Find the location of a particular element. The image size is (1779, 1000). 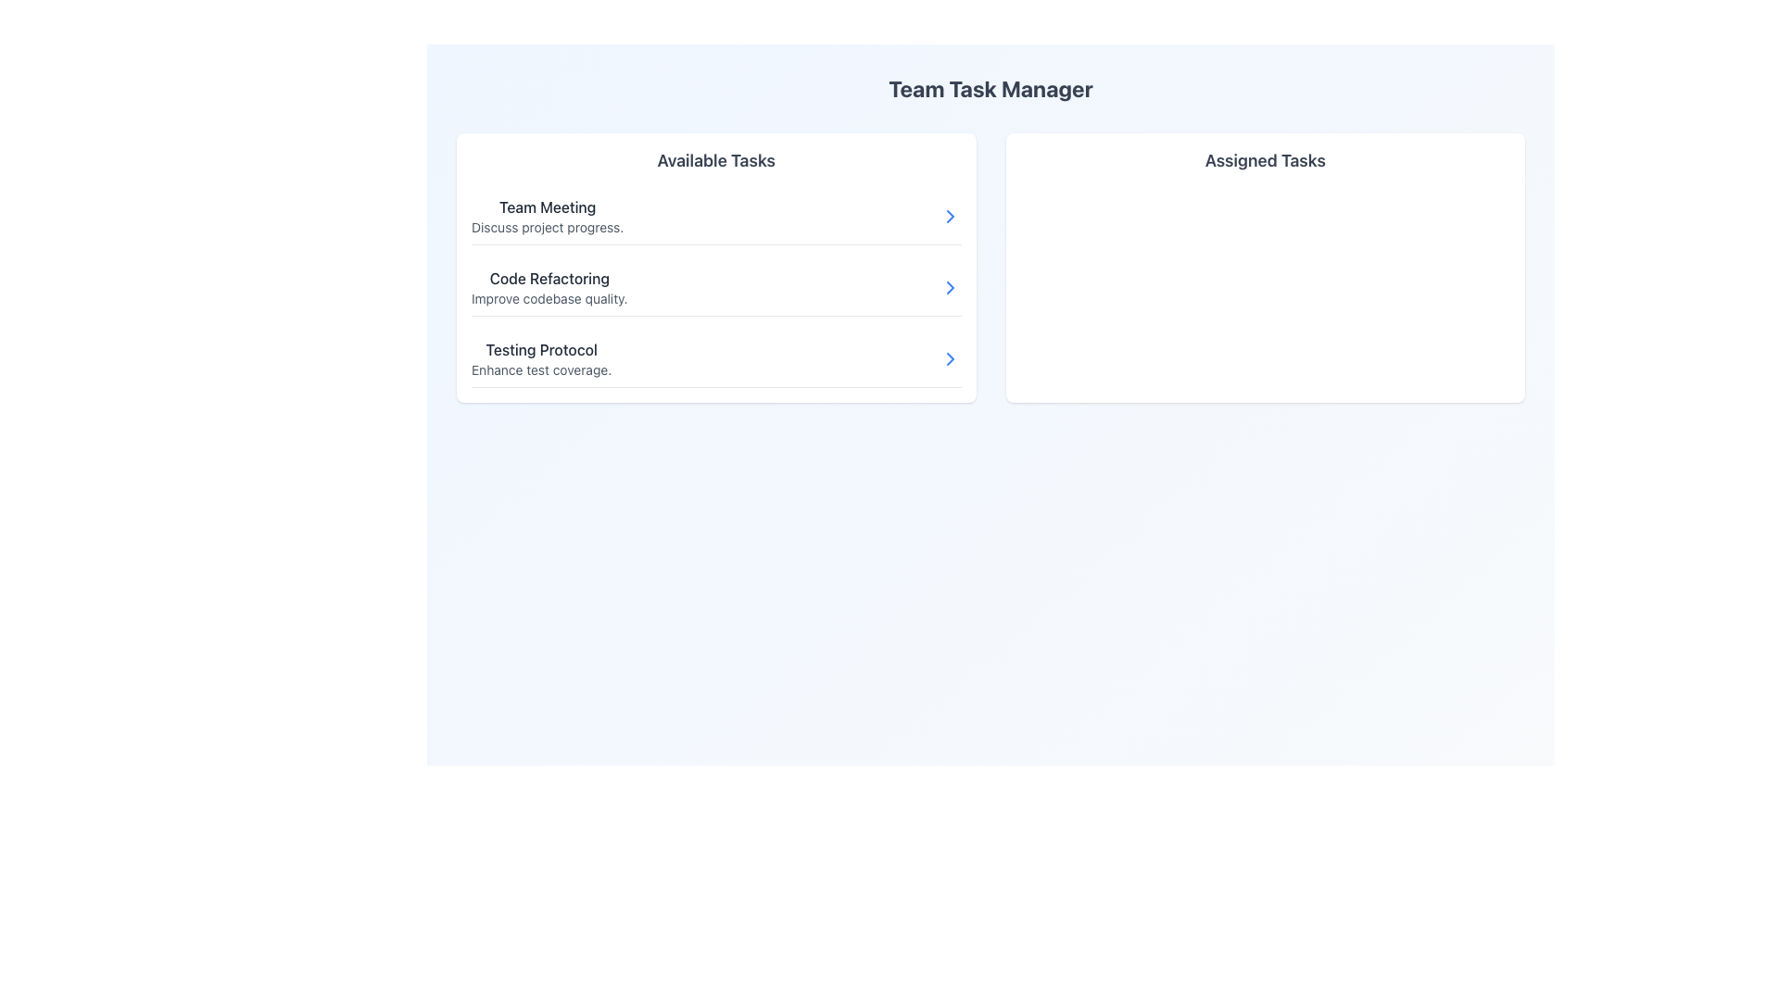

the Text Label serving as a descriptive header for the task item titled 'Testing Protocol', located in the upper portion of the card in the left panel titled 'Available Tasks' is located at coordinates (540, 350).